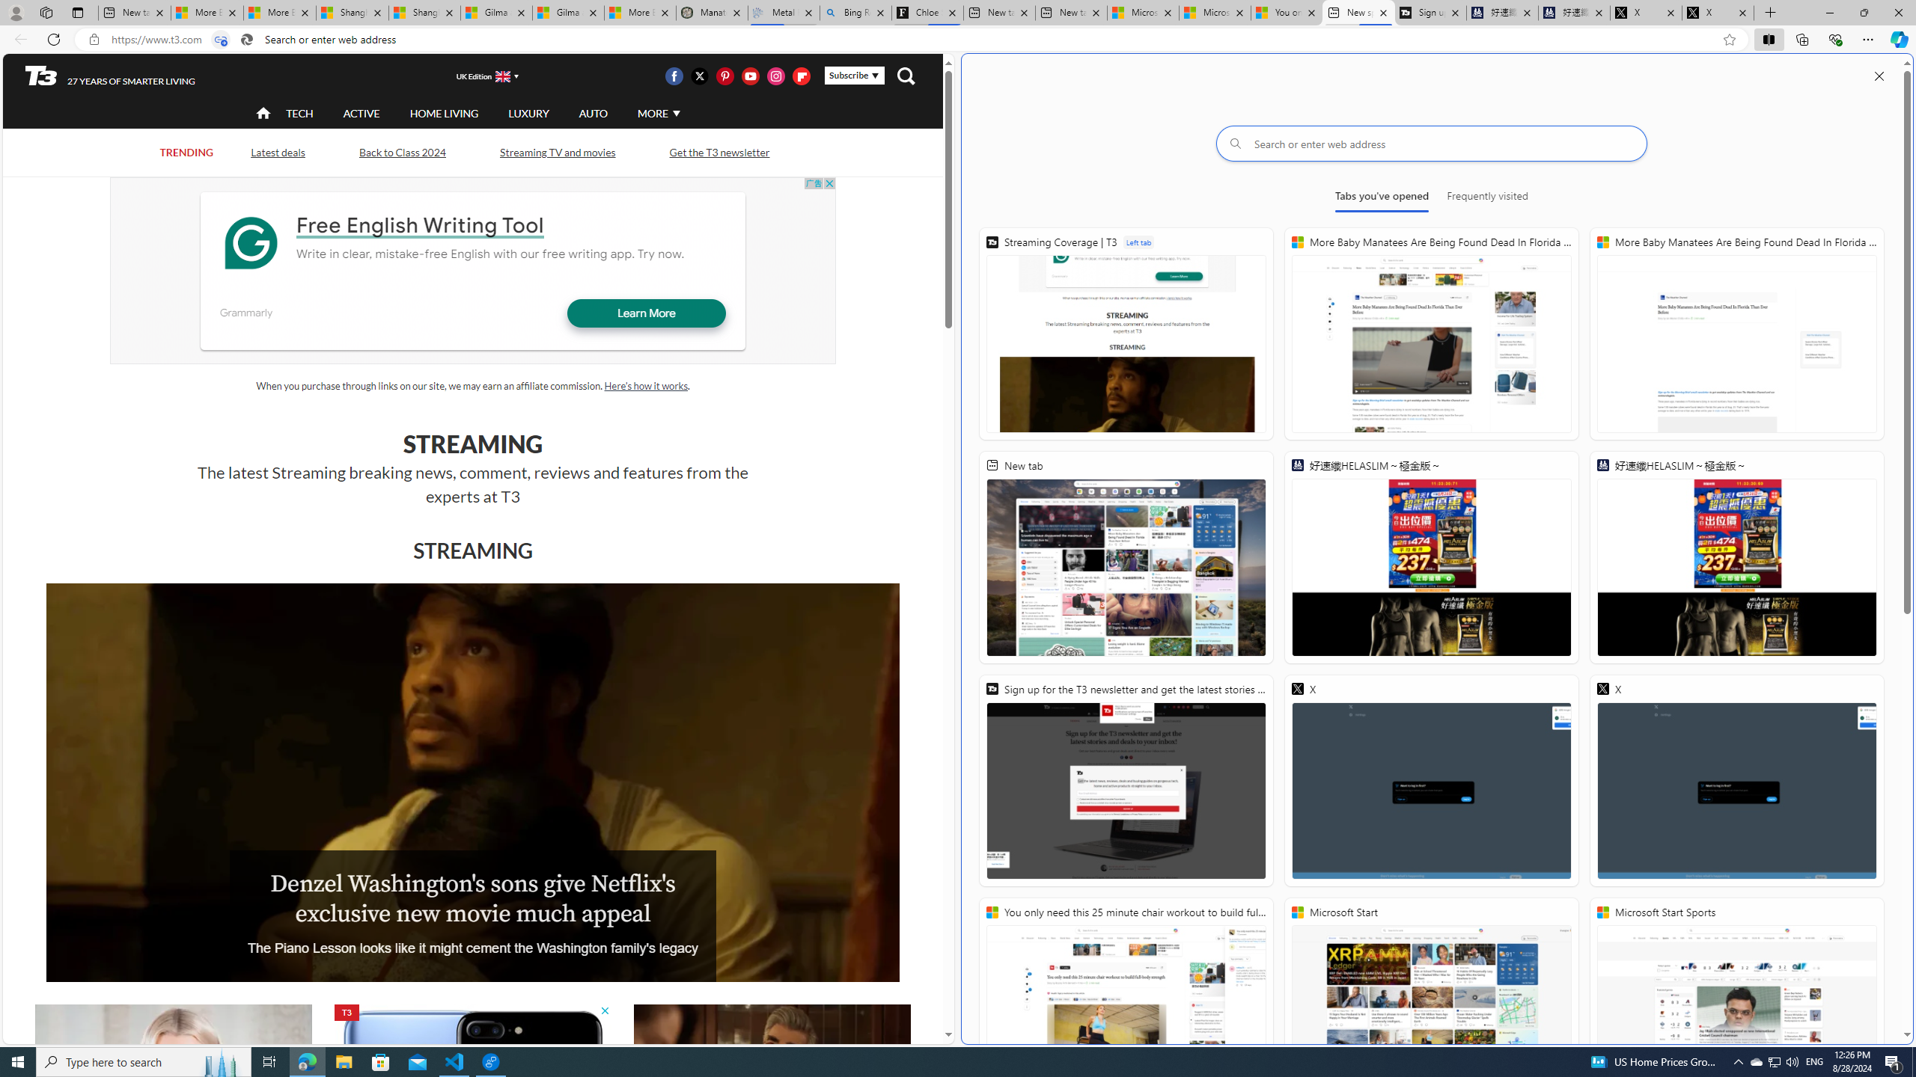 The image size is (1916, 1077). Describe the element at coordinates (656, 112) in the screenshot. I see `'MORE '` at that location.